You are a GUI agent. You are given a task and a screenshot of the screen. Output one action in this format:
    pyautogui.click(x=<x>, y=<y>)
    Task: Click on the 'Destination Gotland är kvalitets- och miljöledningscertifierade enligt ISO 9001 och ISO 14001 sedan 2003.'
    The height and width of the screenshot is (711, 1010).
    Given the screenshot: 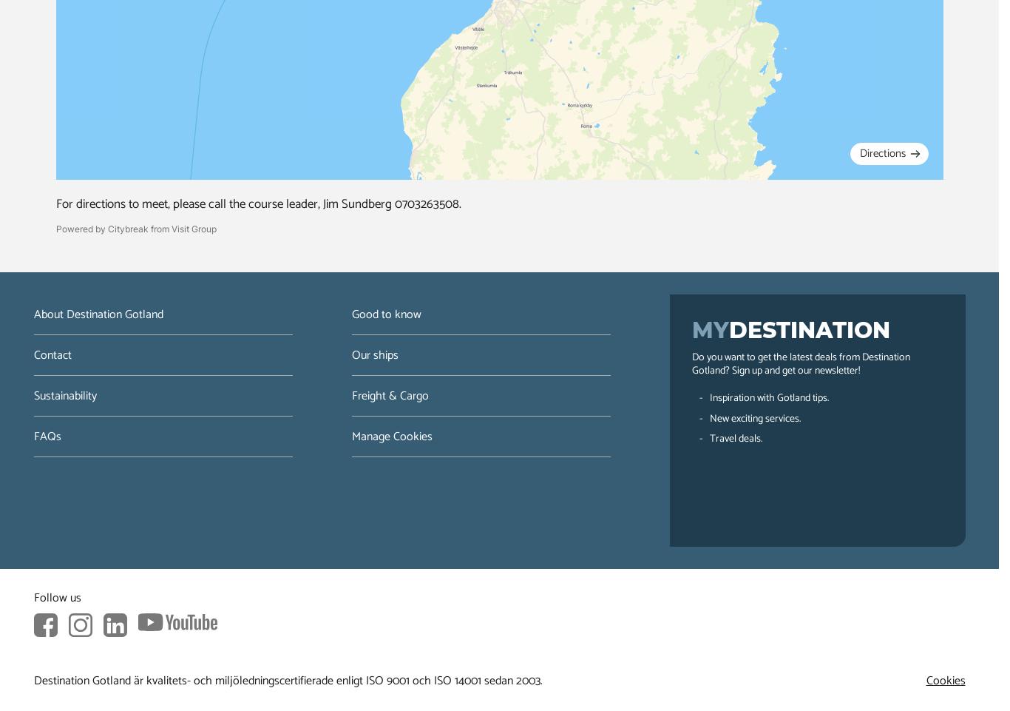 What is the action you would take?
    pyautogui.click(x=287, y=680)
    